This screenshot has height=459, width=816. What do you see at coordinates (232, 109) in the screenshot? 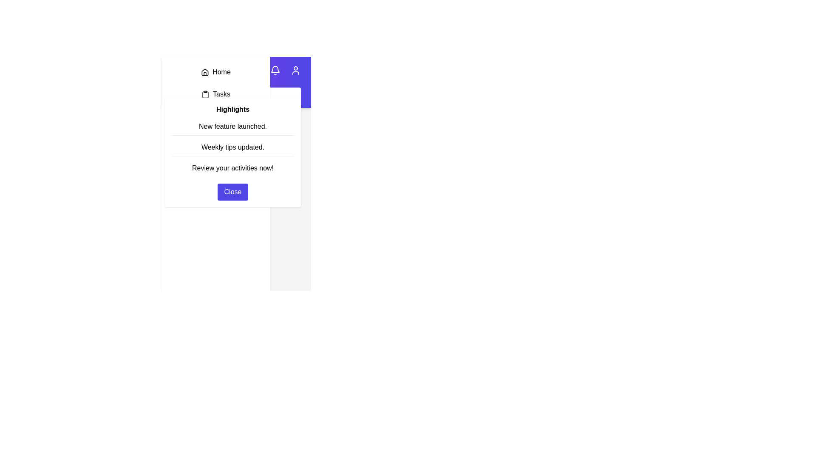
I see `the text label displaying 'Highlights', which is styled with a bold font and is center-aligned in a notification popup window` at bounding box center [232, 109].